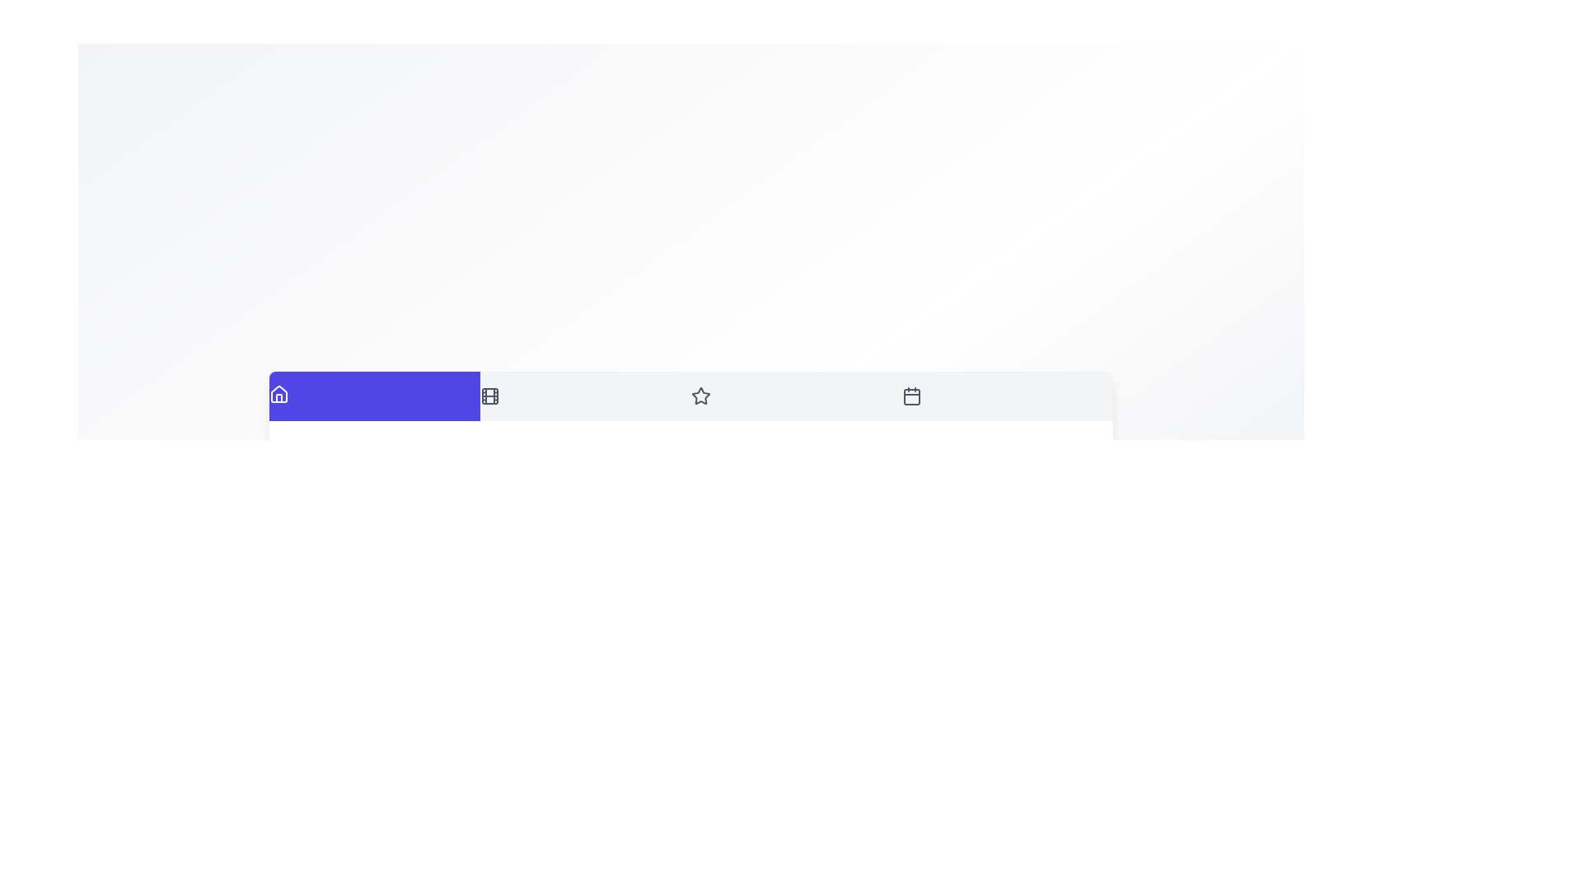 The width and height of the screenshot is (1582, 890). Describe the element at coordinates (489, 396) in the screenshot. I see `the film icon component located in the bottom menu bar, second from the left, which represents a media or video-related feature` at that location.